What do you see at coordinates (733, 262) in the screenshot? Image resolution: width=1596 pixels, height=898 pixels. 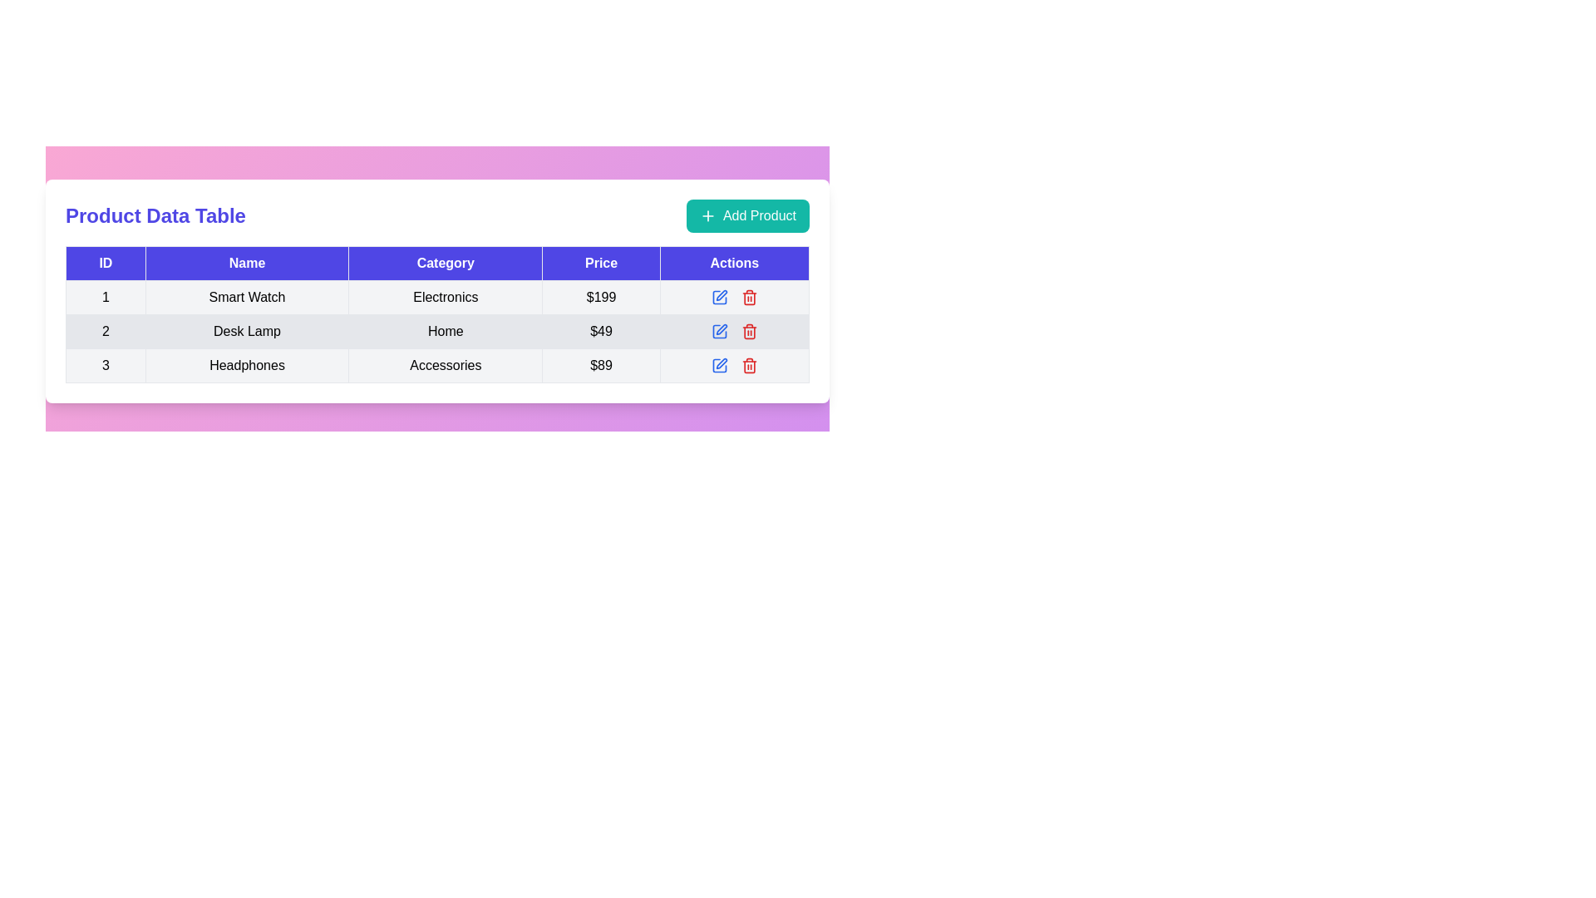 I see `the 'Actions' text label in the table header cell, which has a blue background and white bold font, located at the far right of the header row` at bounding box center [733, 262].